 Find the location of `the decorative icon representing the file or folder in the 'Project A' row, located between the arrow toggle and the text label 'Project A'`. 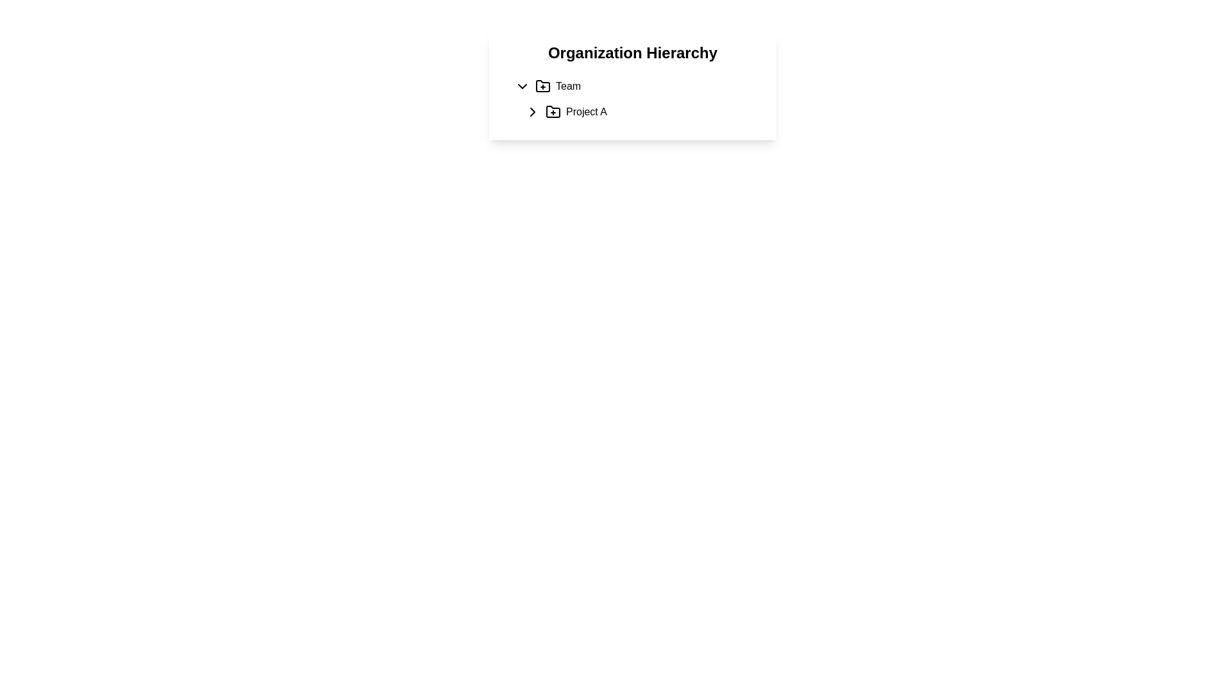

the decorative icon representing the file or folder in the 'Project A' row, located between the arrow toggle and the text label 'Project A' is located at coordinates (553, 111).